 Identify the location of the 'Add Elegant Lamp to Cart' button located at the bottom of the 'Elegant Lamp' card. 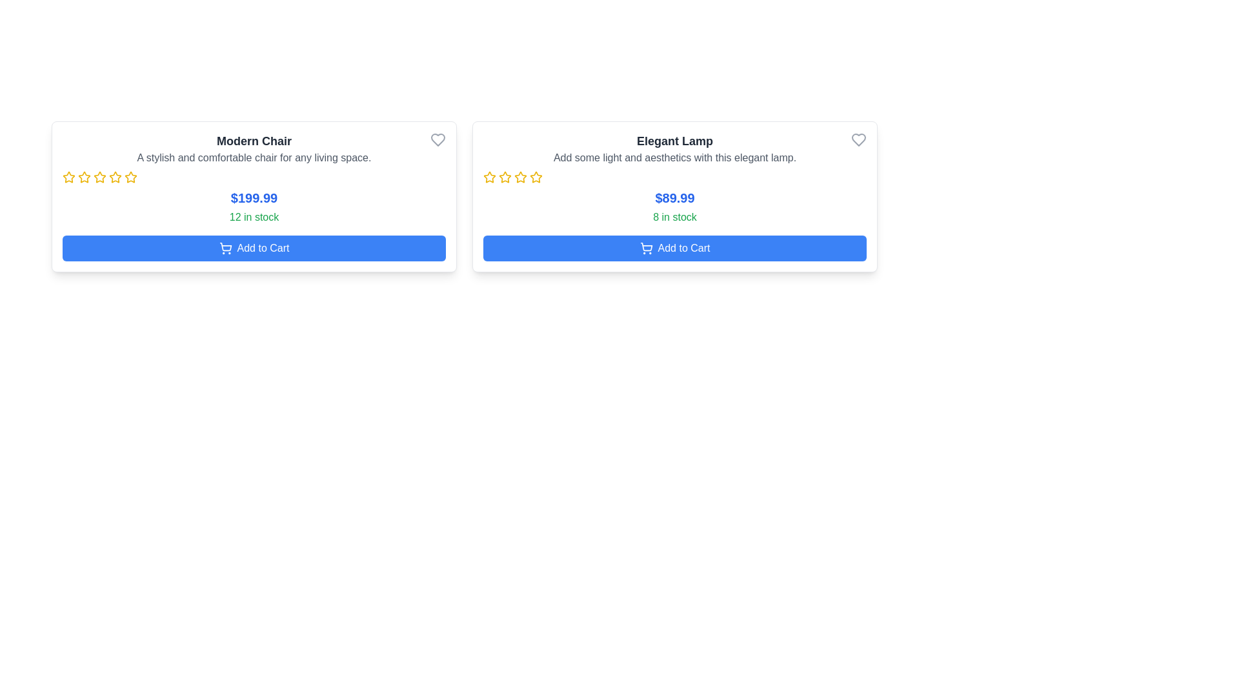
(674, 248).